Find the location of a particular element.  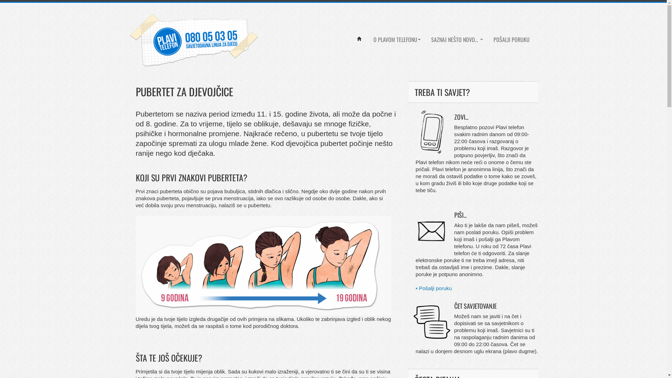

'O PLAVOM TELEFONU' is located at coordinates (397, 39).